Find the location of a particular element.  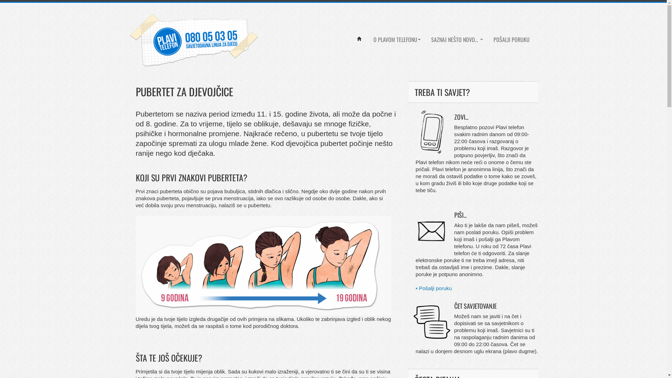

'O PLAVOM TELEFONU' is located at coordinates (397, 39).